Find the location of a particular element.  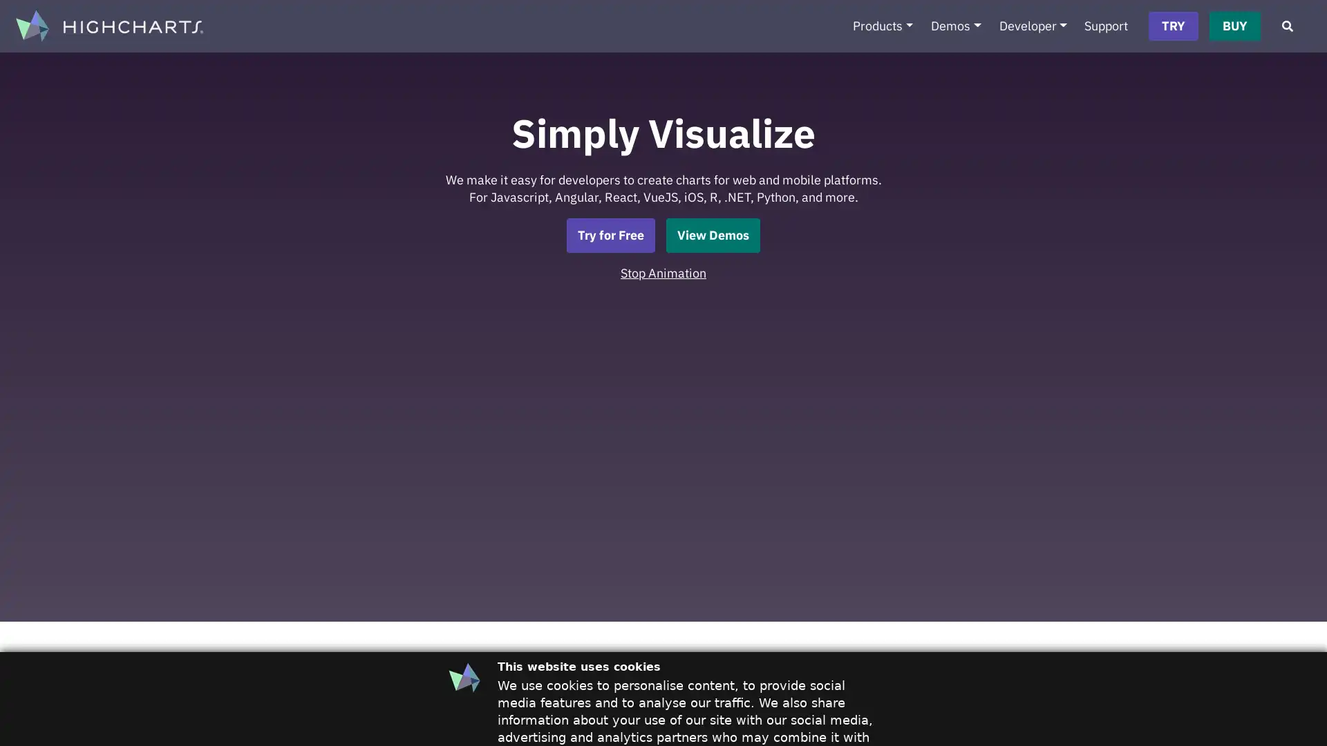

Products is located at coordinates (881, 26).